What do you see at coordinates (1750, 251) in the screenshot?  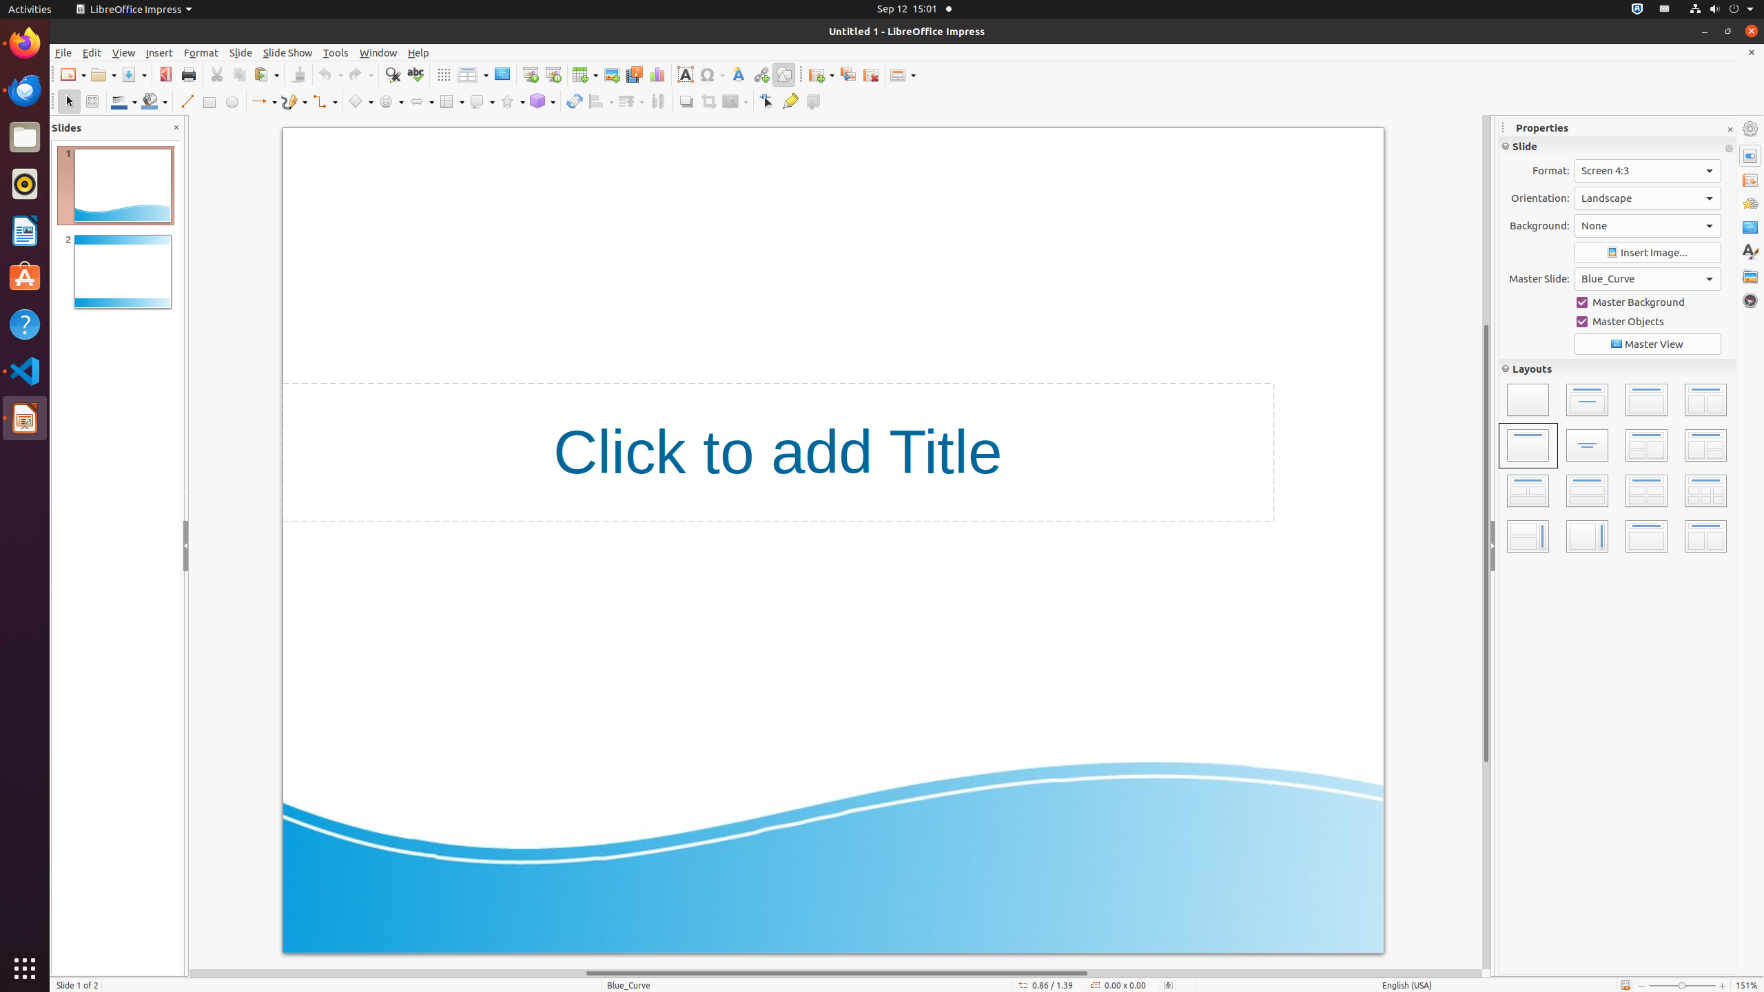 I see `'Styles'` at bounding box center [1750, 251].